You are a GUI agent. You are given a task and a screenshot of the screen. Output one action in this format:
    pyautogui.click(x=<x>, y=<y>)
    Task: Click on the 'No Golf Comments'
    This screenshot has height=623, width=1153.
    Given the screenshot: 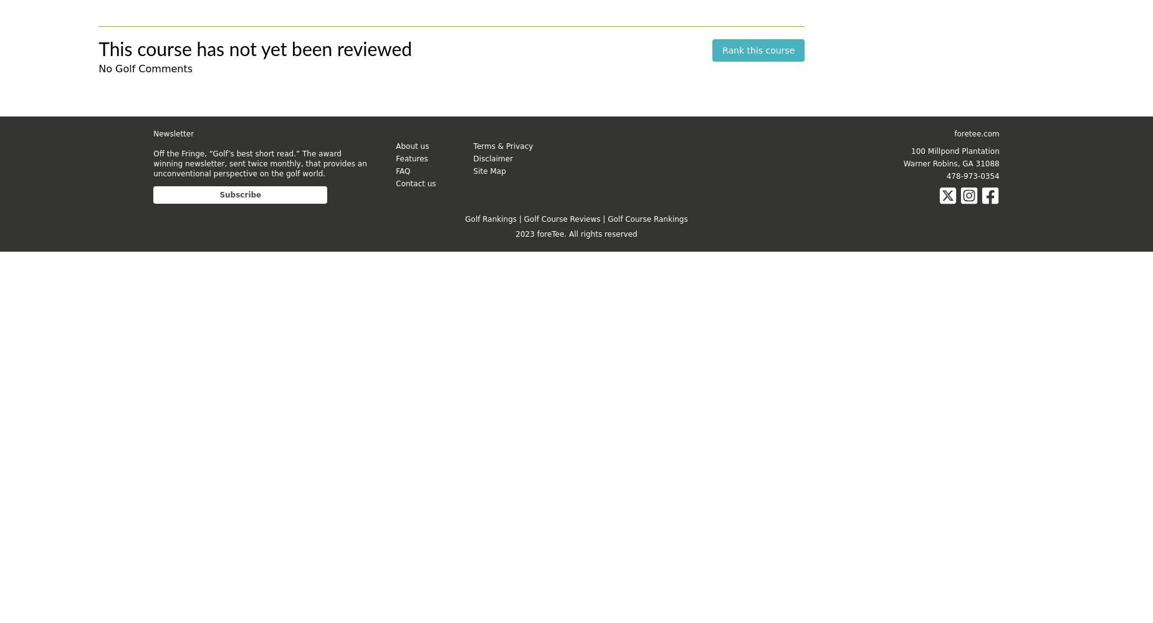 What is the action you would take?
    pyautogui.click(x=97, y=68)
    